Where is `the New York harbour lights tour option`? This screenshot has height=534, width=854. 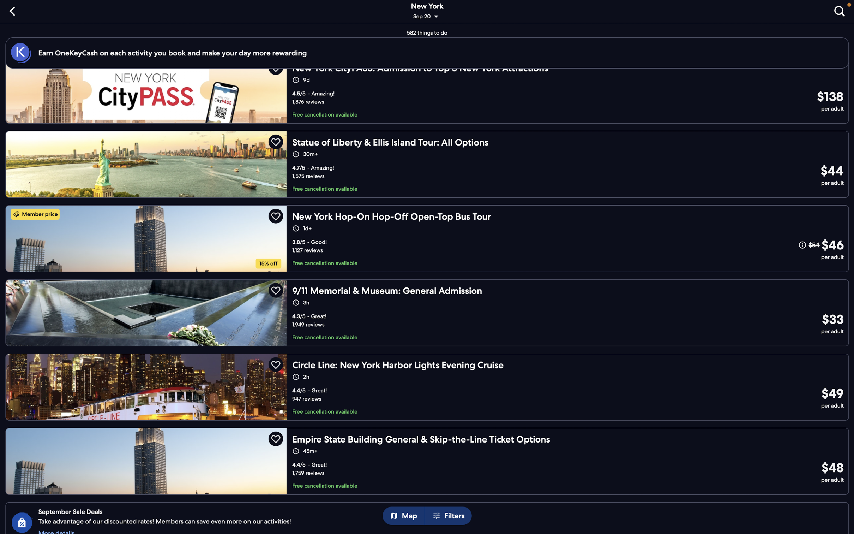 the New York harbour lights tour option is located at coordinates (429, 384).